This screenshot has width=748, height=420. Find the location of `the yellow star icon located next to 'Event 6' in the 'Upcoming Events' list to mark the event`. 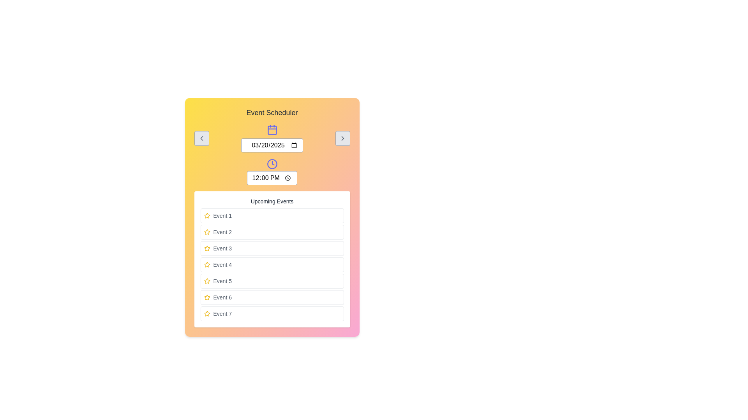

the yellow star icon located next to 'Event 6' in the 'Upcoming Events' list to mark the event is located at coordinates (207, 297).